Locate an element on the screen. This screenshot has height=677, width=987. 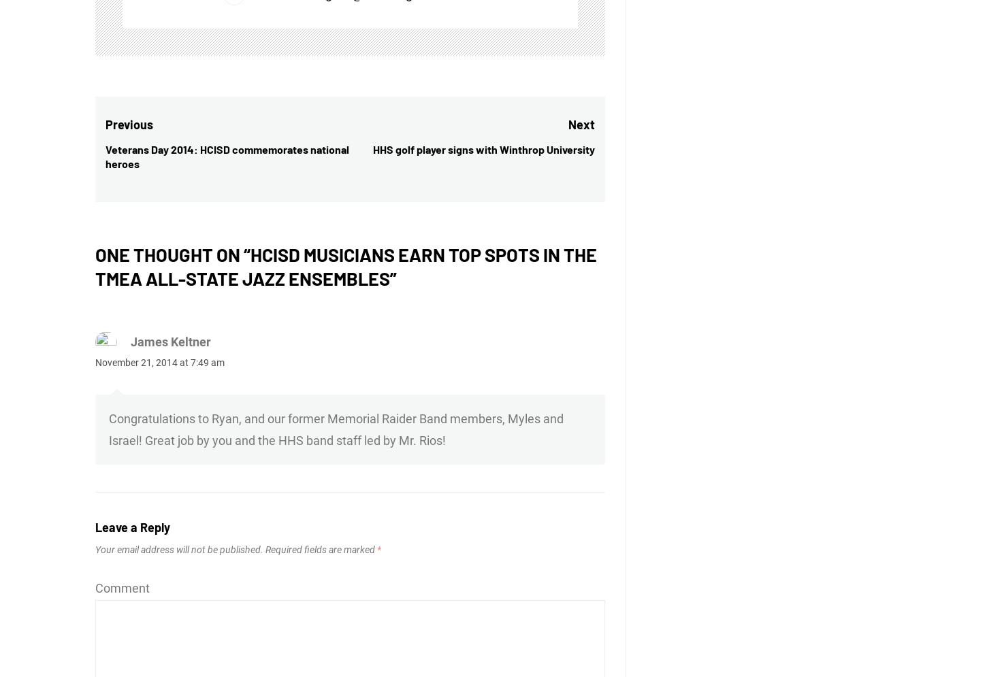
'One thought on “' is located at coordinates (173, 254).